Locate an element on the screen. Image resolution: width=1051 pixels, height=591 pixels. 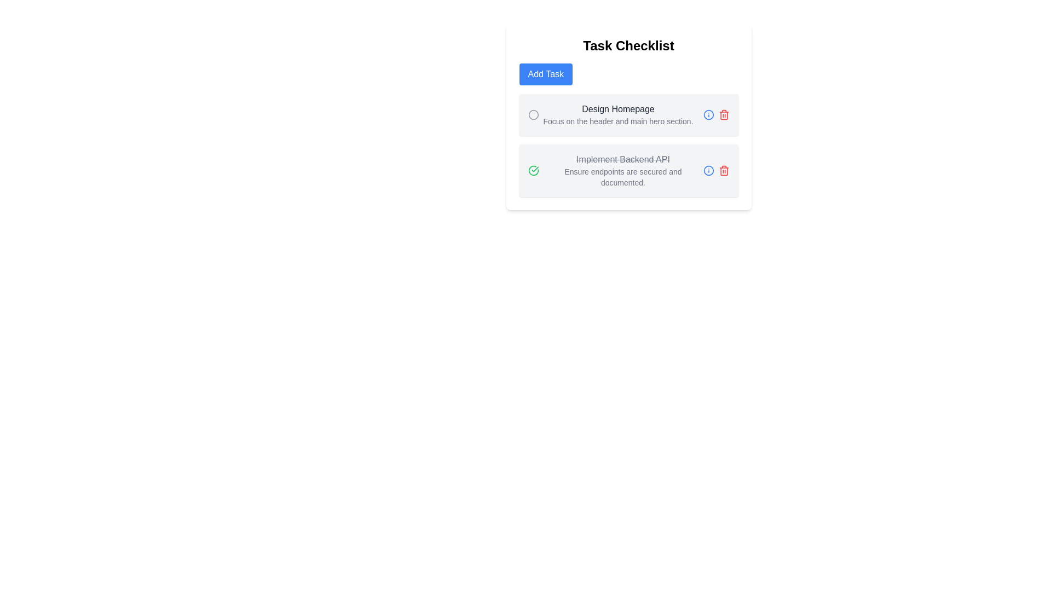
the trash can icon within the delete icon, which is located adjacent to the second task item in the checklist is located at coordinates (724, 115).